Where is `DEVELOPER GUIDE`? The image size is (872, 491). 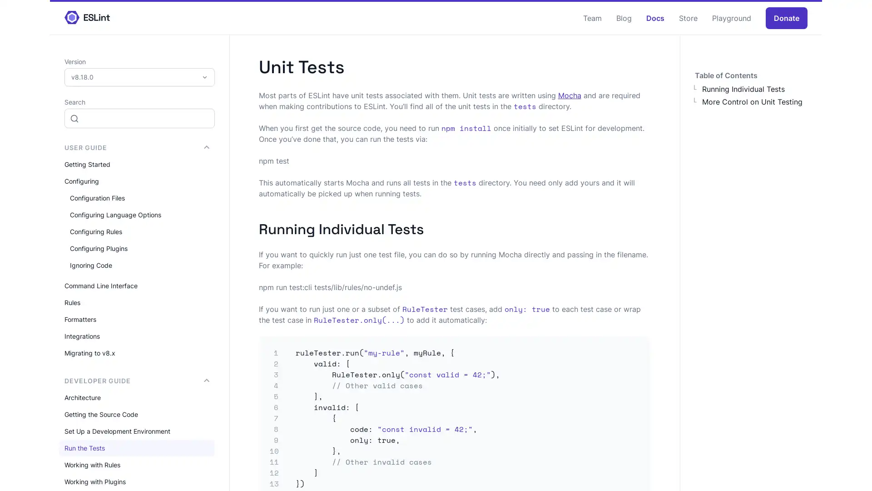 DEVELOPER GUIDE is located at coordinates (136, 380).